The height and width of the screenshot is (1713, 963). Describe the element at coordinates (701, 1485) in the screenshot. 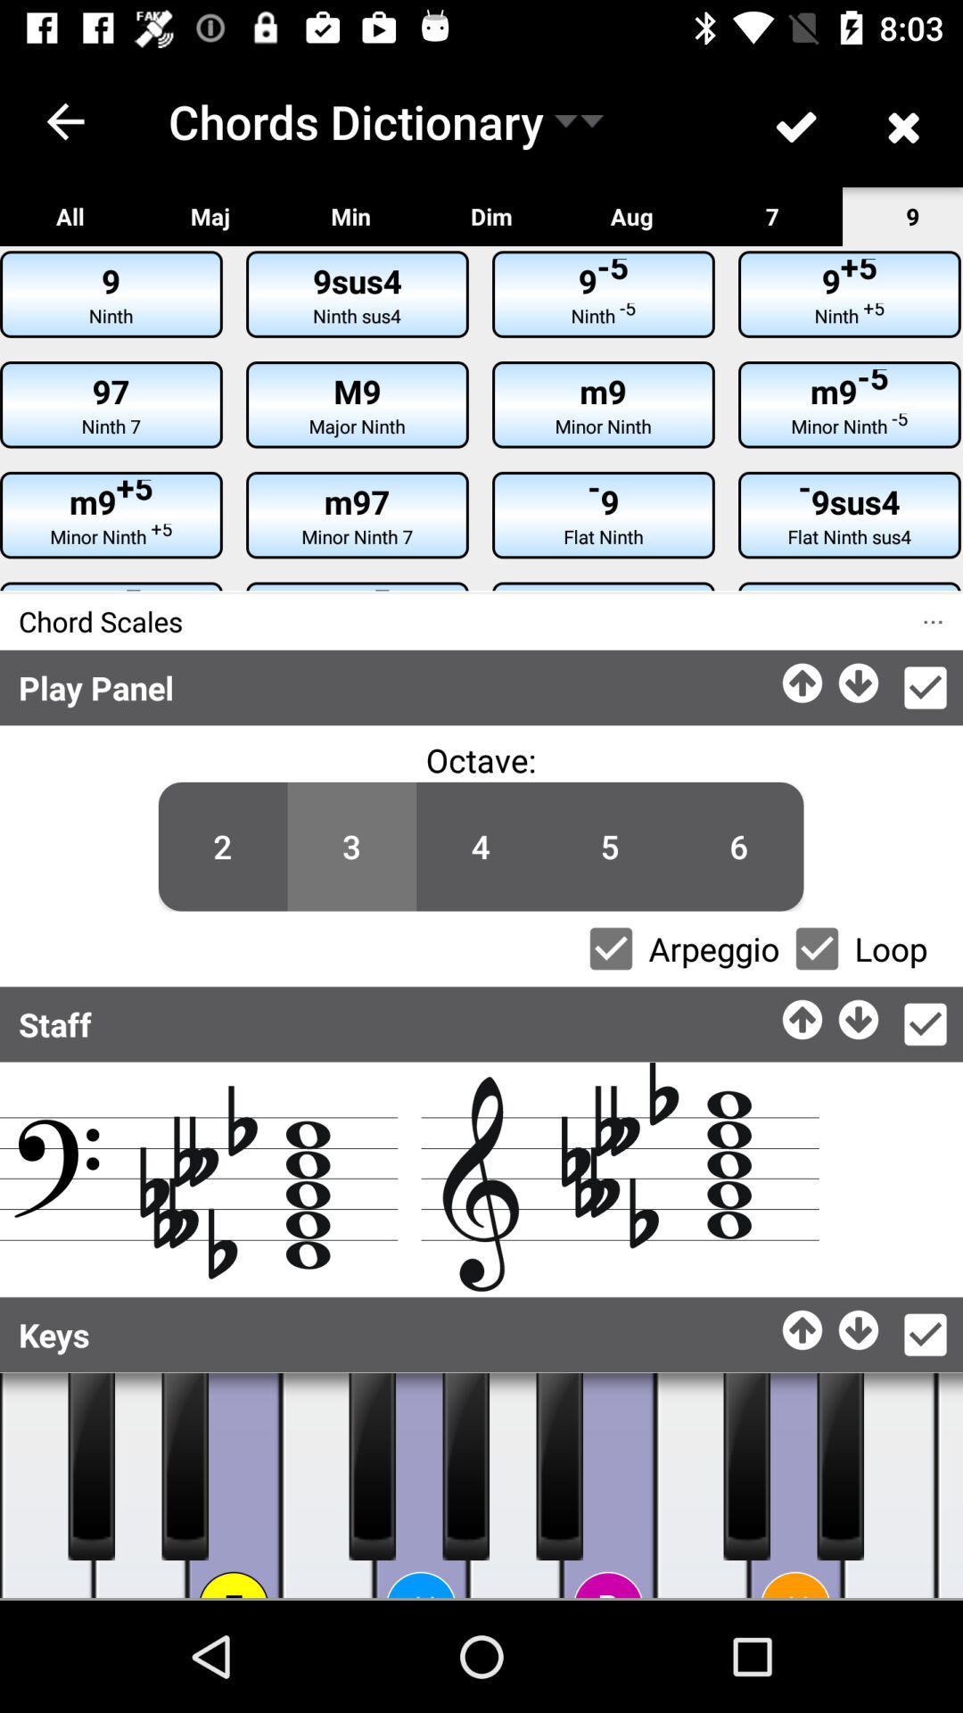

I see `one of piano keys` at that location.